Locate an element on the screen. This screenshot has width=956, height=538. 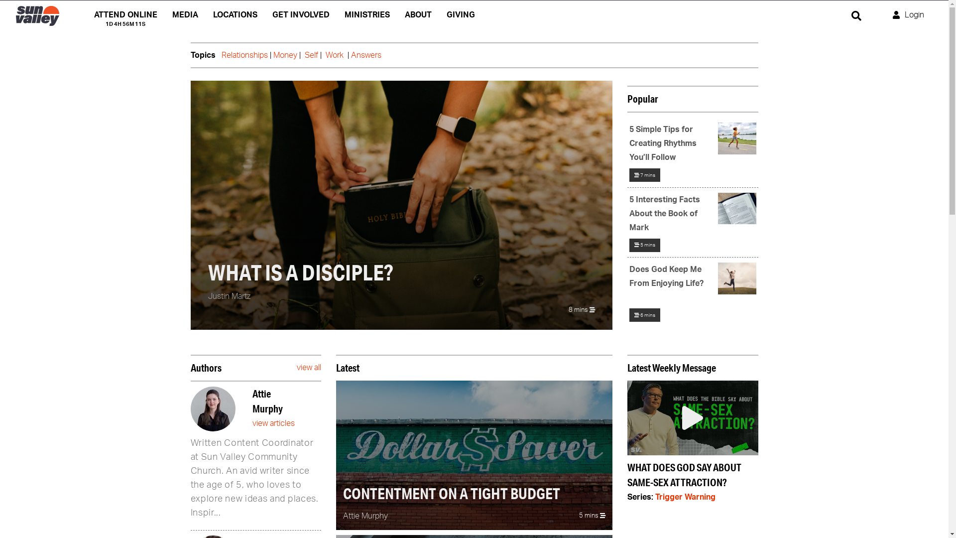
'Does God Keep Me From Enjoying Life?' is located at coordinates (693, 283).